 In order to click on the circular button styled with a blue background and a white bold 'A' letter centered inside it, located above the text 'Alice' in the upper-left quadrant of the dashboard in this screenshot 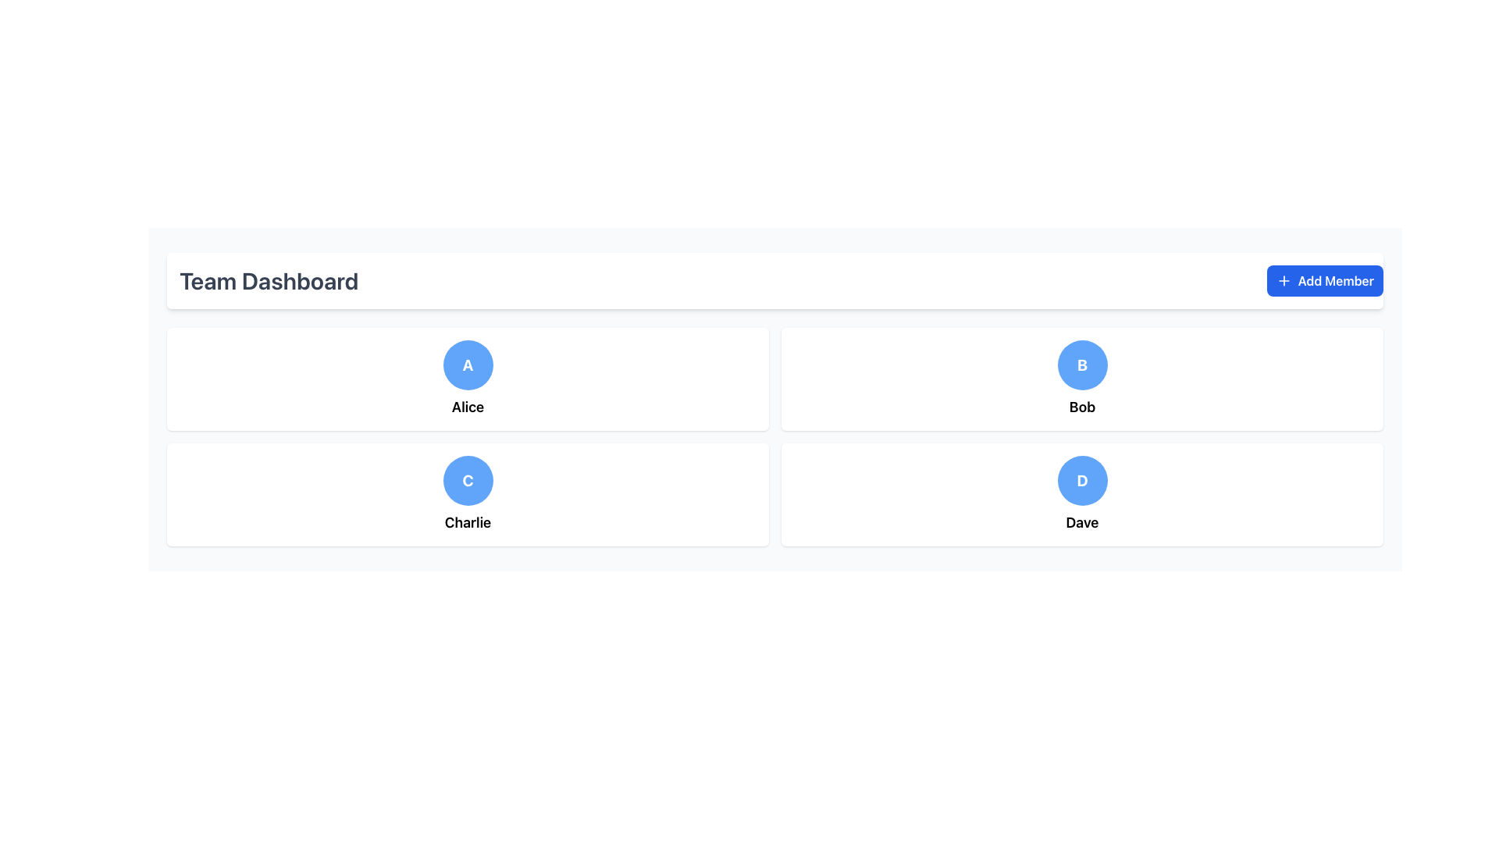, I will do `click(467, 365)`.